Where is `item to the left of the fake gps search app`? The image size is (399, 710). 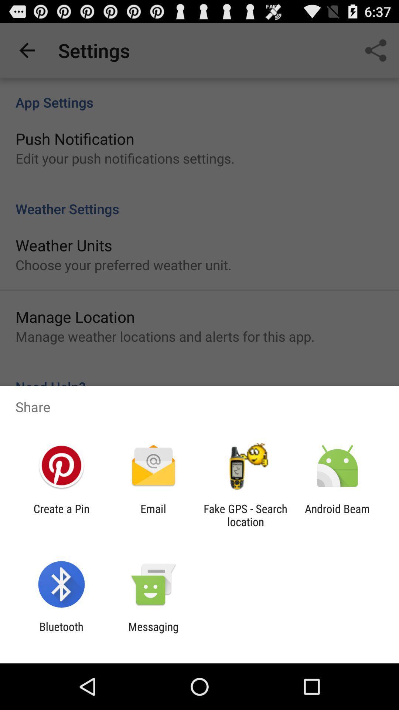
item to the left of the fake gps search app is located at coordinates (153, 515).